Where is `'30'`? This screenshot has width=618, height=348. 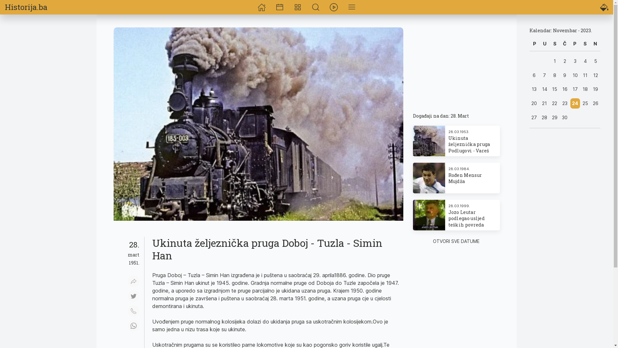 '30' is located at coordinates (559, 118).